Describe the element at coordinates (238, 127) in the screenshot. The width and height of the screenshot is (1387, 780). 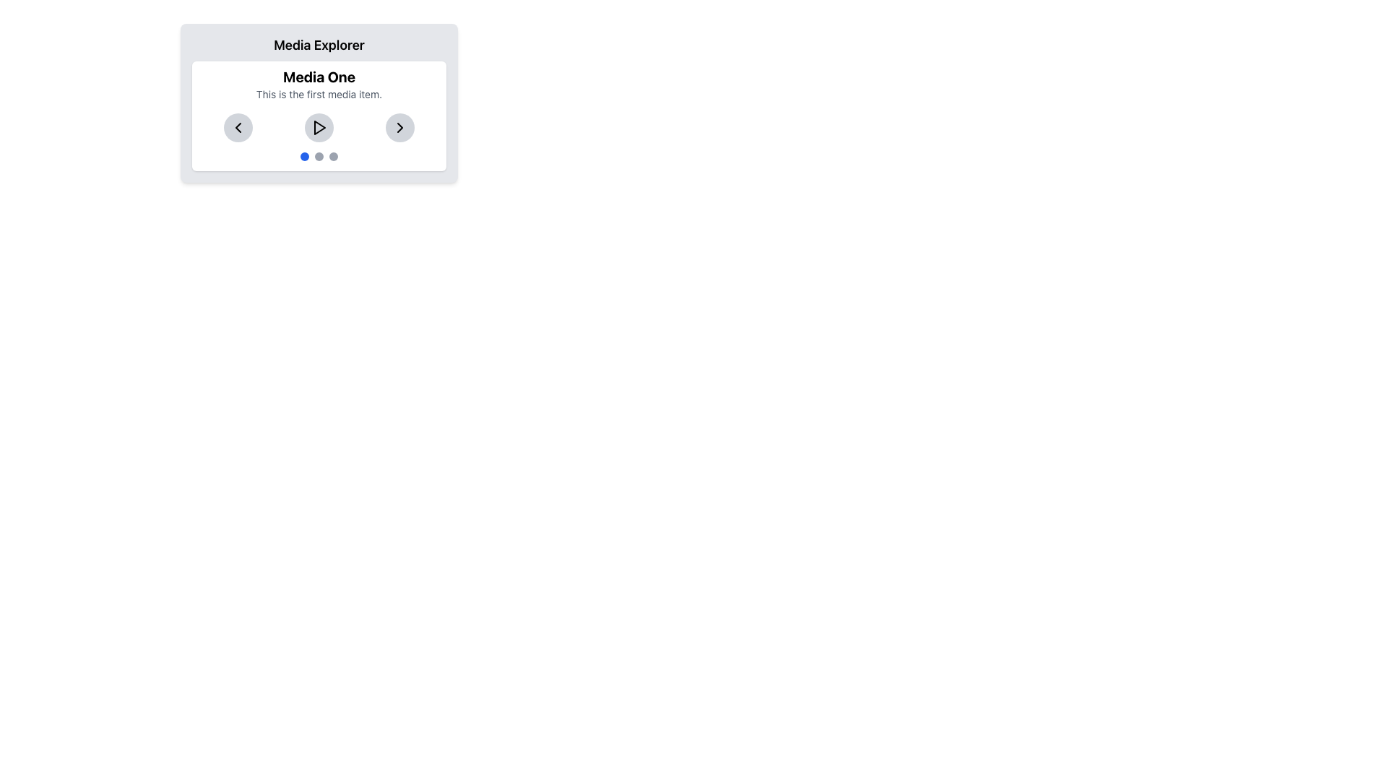
I see `the leftmost circular button with a gray background and a black left arrow icon in the 'Media Explorer' section` at that location.